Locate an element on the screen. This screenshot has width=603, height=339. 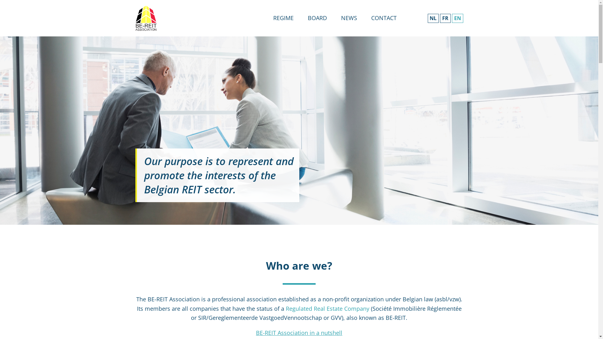
'EN' is located at coordinates (457, 18).